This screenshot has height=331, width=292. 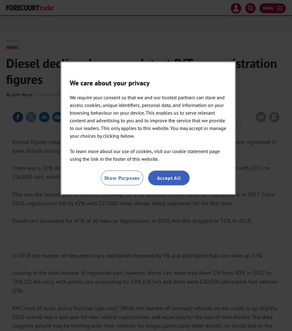 What do you see at coordinates (141, 172) in the screenshot?
I see `'There was a 30% decline in the number of new diesel cars being registered in 2018 compared with 2017, to 736,000 cars, which is below the 2008/09 recession dip and similar to 2003 registrations.'` at bounding box center [141, 172].